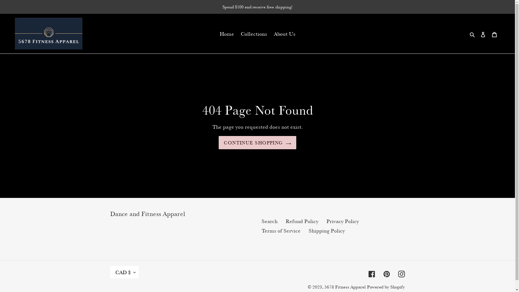 This screenshot has height=292, width=519. Describe the element at coordinates (386, 273) in the screenshot. I see `'Pinterest'` at that location.